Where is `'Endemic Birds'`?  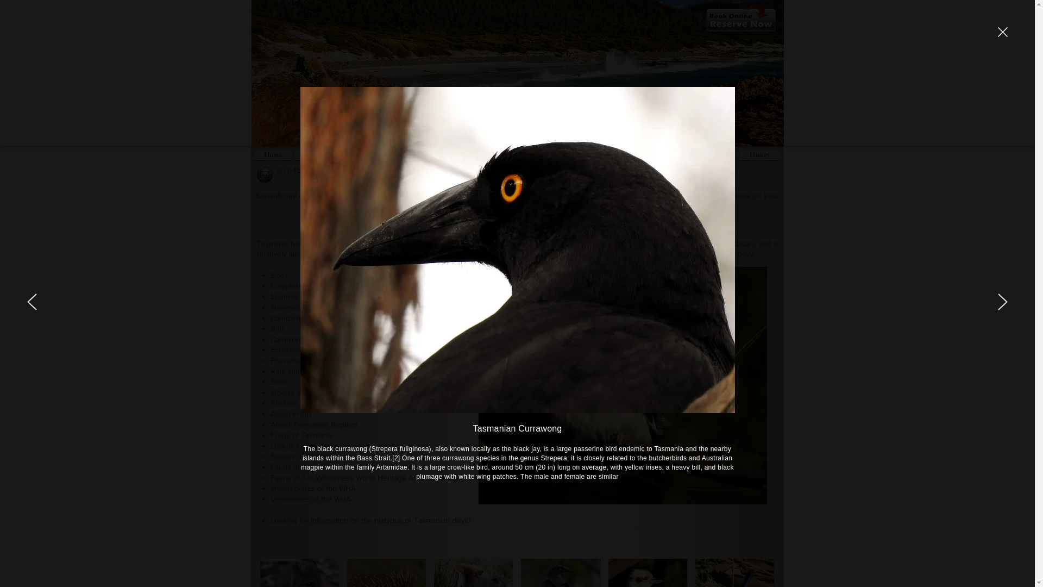 'Endemic Birds' is located at coordinates (294, 296).